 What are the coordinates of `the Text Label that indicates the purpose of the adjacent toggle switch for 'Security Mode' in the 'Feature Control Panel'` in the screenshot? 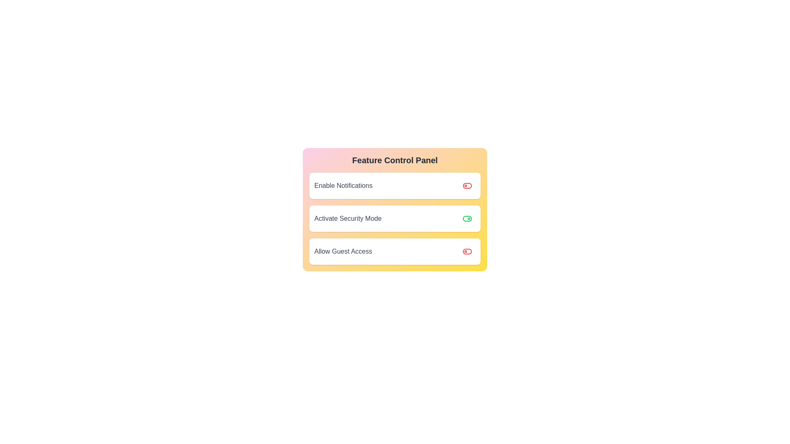 It's located at (348, 218).